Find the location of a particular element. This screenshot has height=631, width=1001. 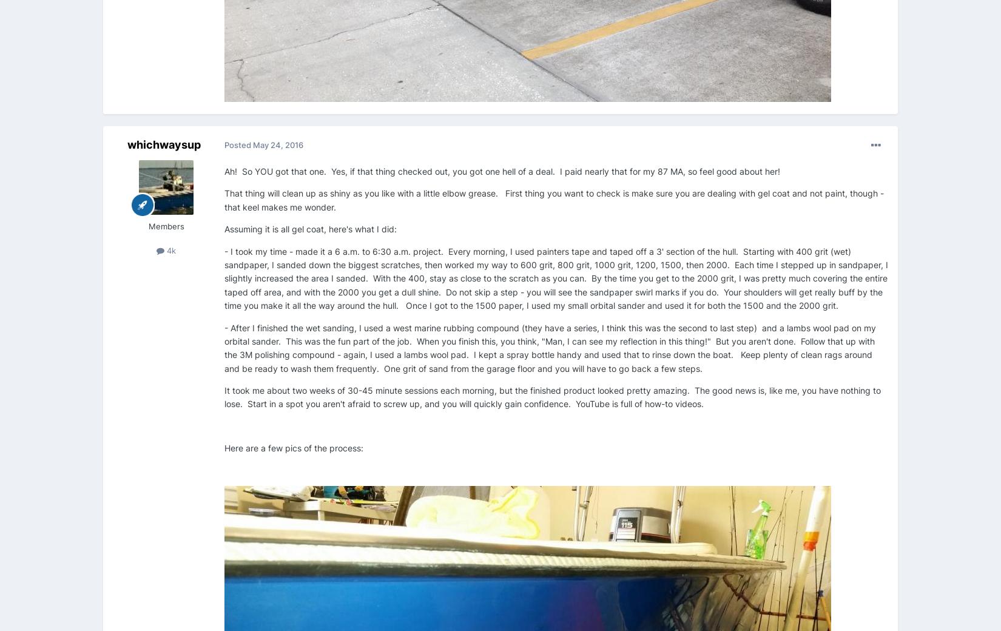

'whichwaysup' is located at coordinates (163, 144).